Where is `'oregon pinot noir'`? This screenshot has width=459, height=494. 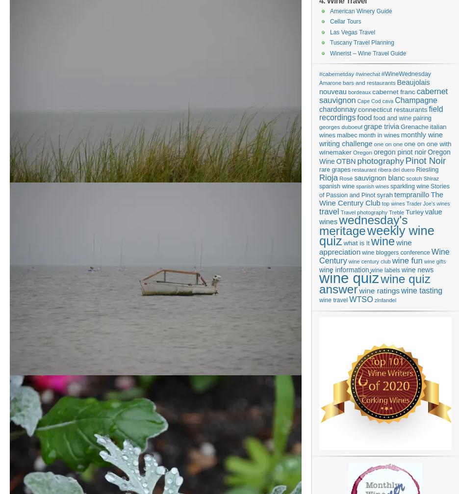
'oregon pinot noir' is located at coordinates (399, 152).